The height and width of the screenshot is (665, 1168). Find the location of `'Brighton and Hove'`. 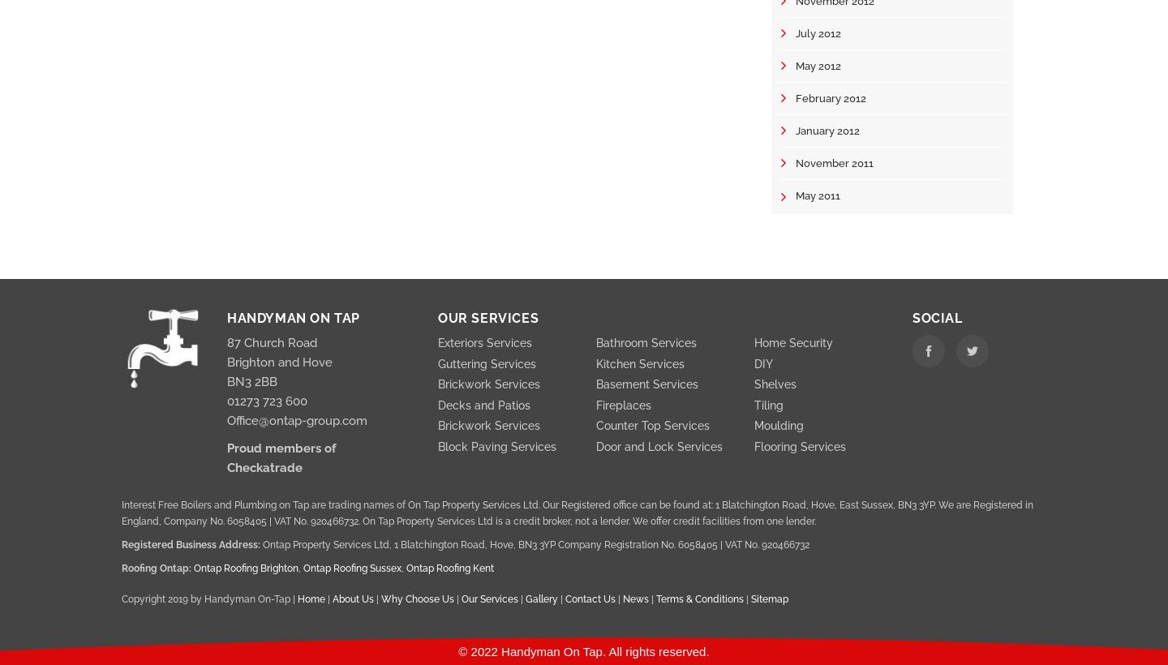

'Brighton and Hove' is located at coordinates (279, 361).